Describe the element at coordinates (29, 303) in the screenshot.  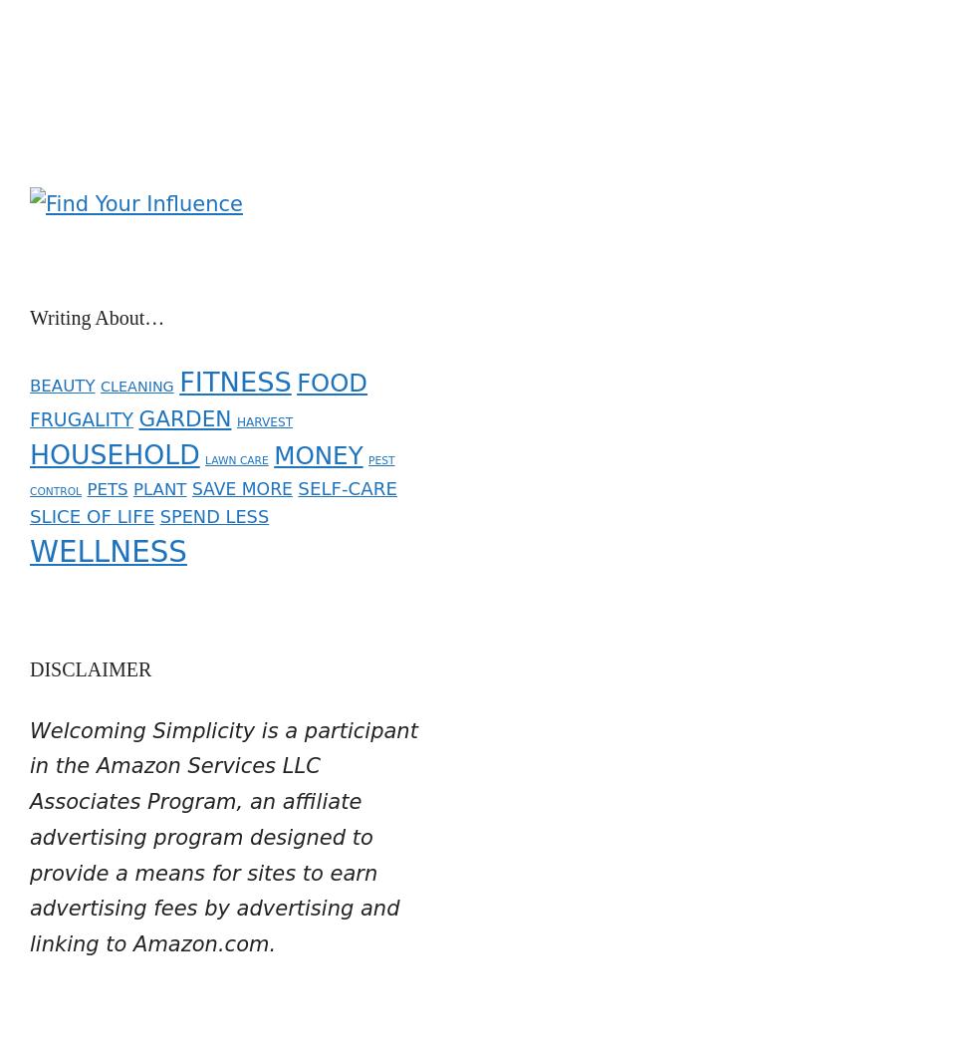
I see `'Writing About…'` at that location.